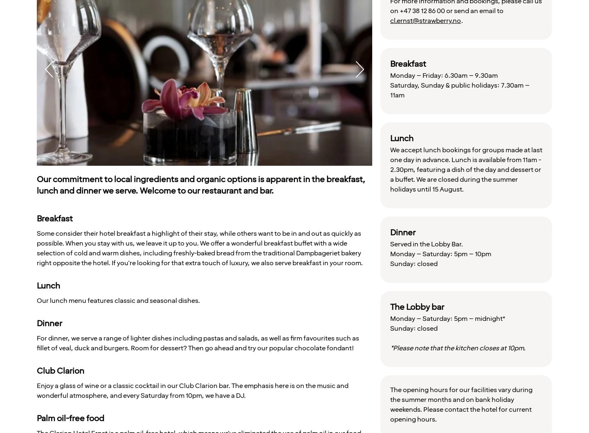 This screenshot has height=433, width=589. What do you see at coordinates (465, 169) in the screenshot?
I see `'We accept lunch bookings for groups made at last one day in advance. Lunch is available from 11am - 2.30pm, featuring a dish of the day and dessert or a buffet. We are closed during the summer holidays until 15 August.'` at bounding box center [465, 169].